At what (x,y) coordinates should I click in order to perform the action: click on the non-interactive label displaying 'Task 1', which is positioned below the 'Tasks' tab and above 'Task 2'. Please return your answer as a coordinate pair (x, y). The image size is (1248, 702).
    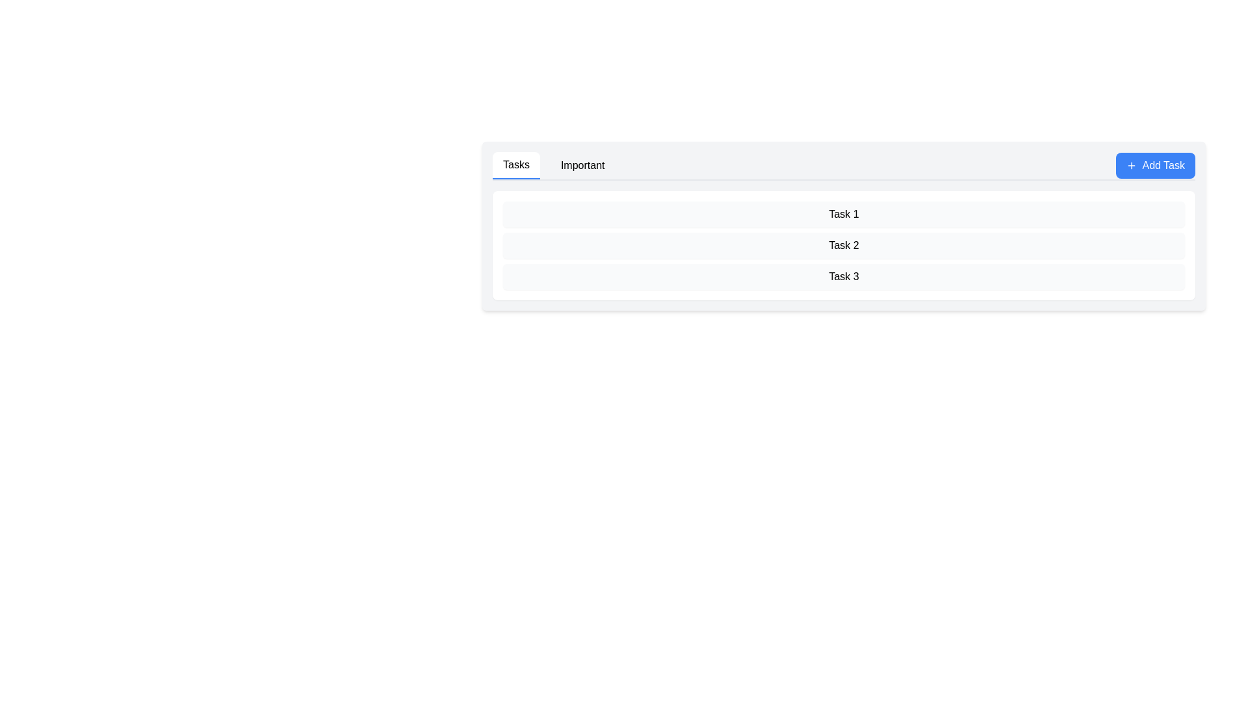
    Looking at the image, I should click on (844, 214).